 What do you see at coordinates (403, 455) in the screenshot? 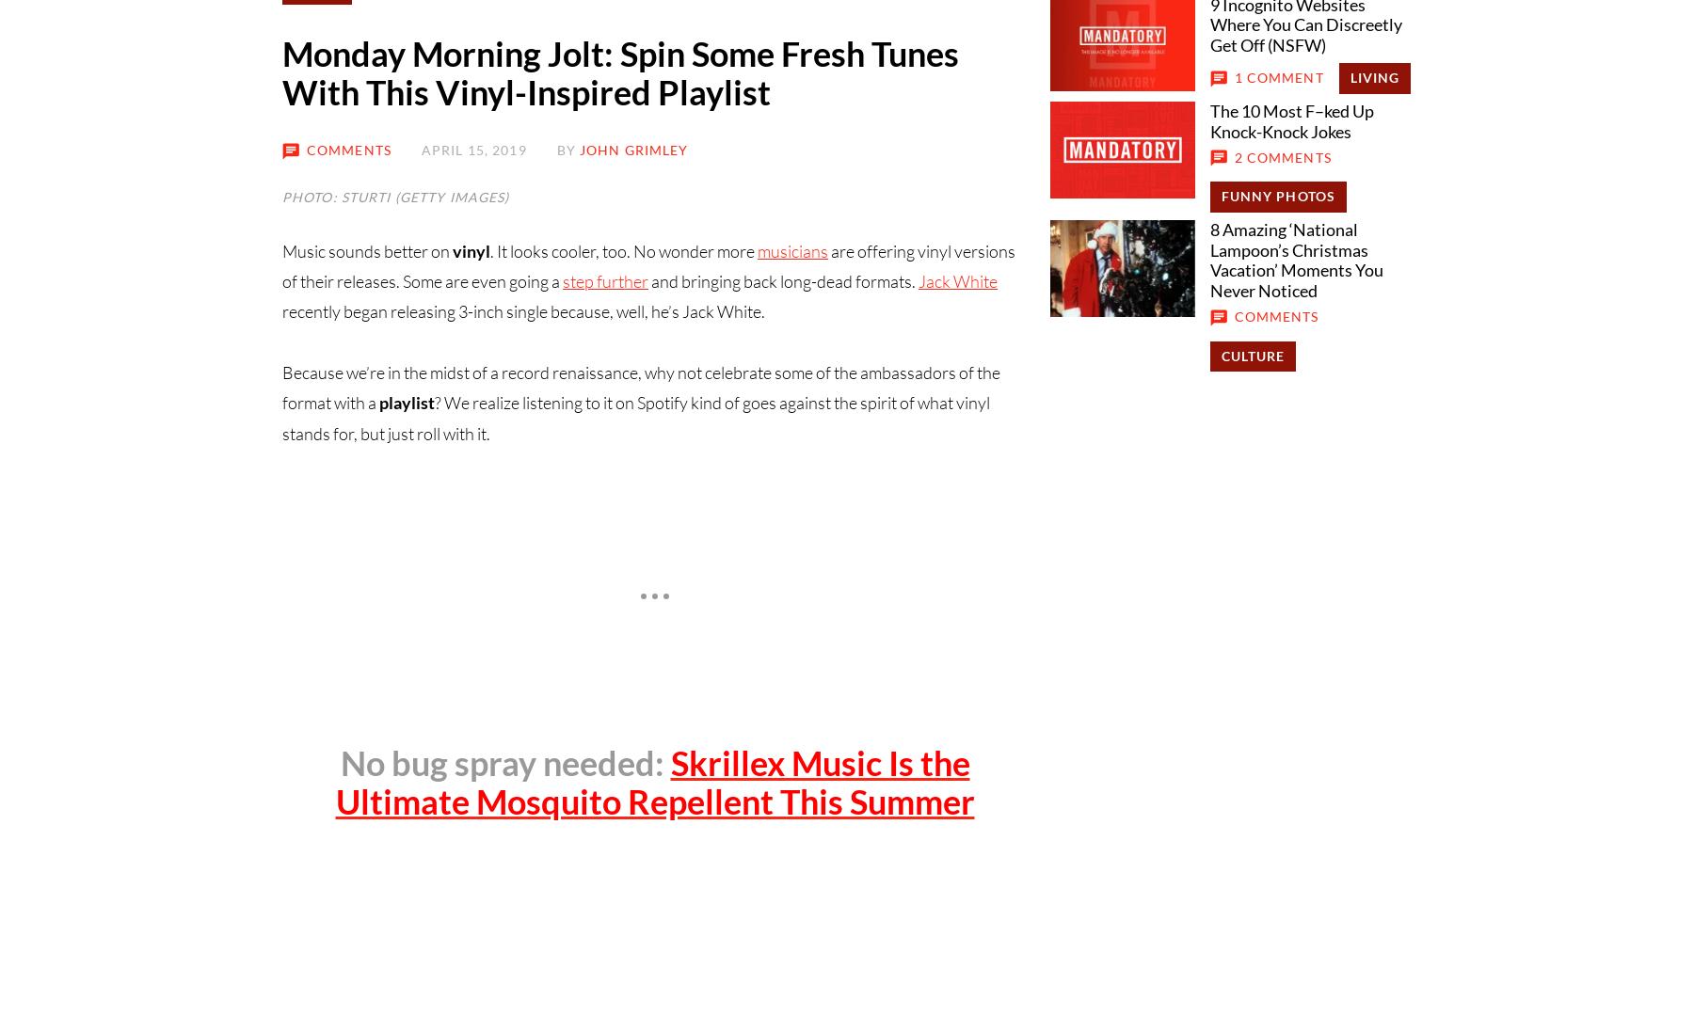
I see `'Contact Us'` at bounding box center [403, 455].